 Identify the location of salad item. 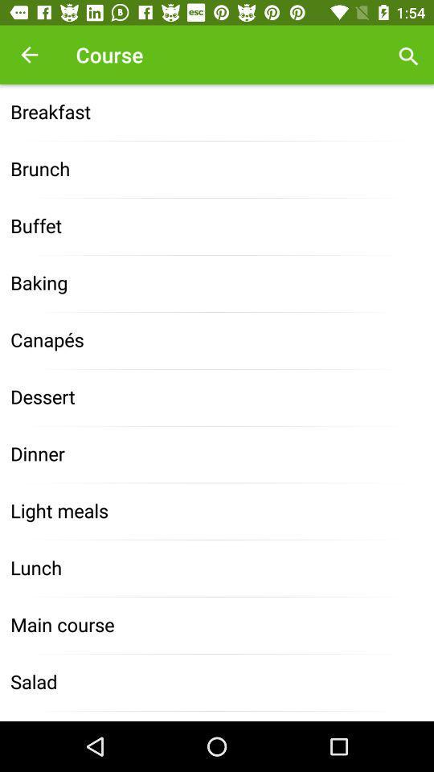
(217, 682).